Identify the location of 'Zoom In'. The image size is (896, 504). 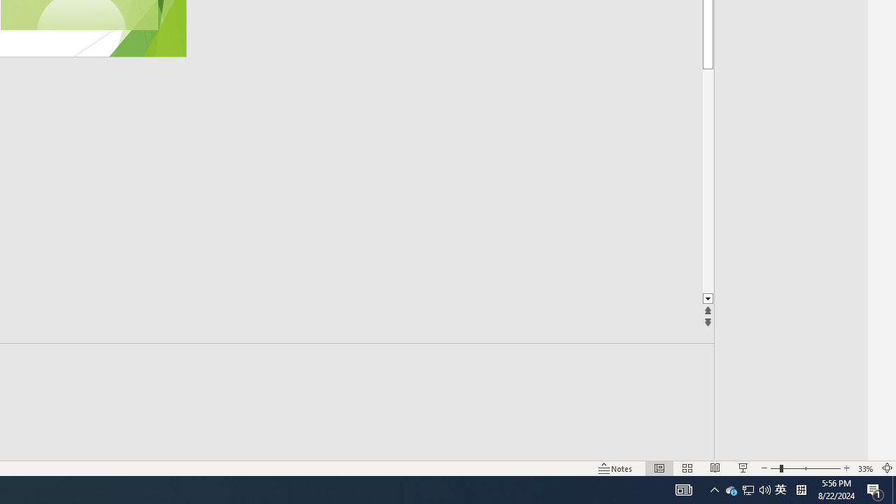
(846, 468).